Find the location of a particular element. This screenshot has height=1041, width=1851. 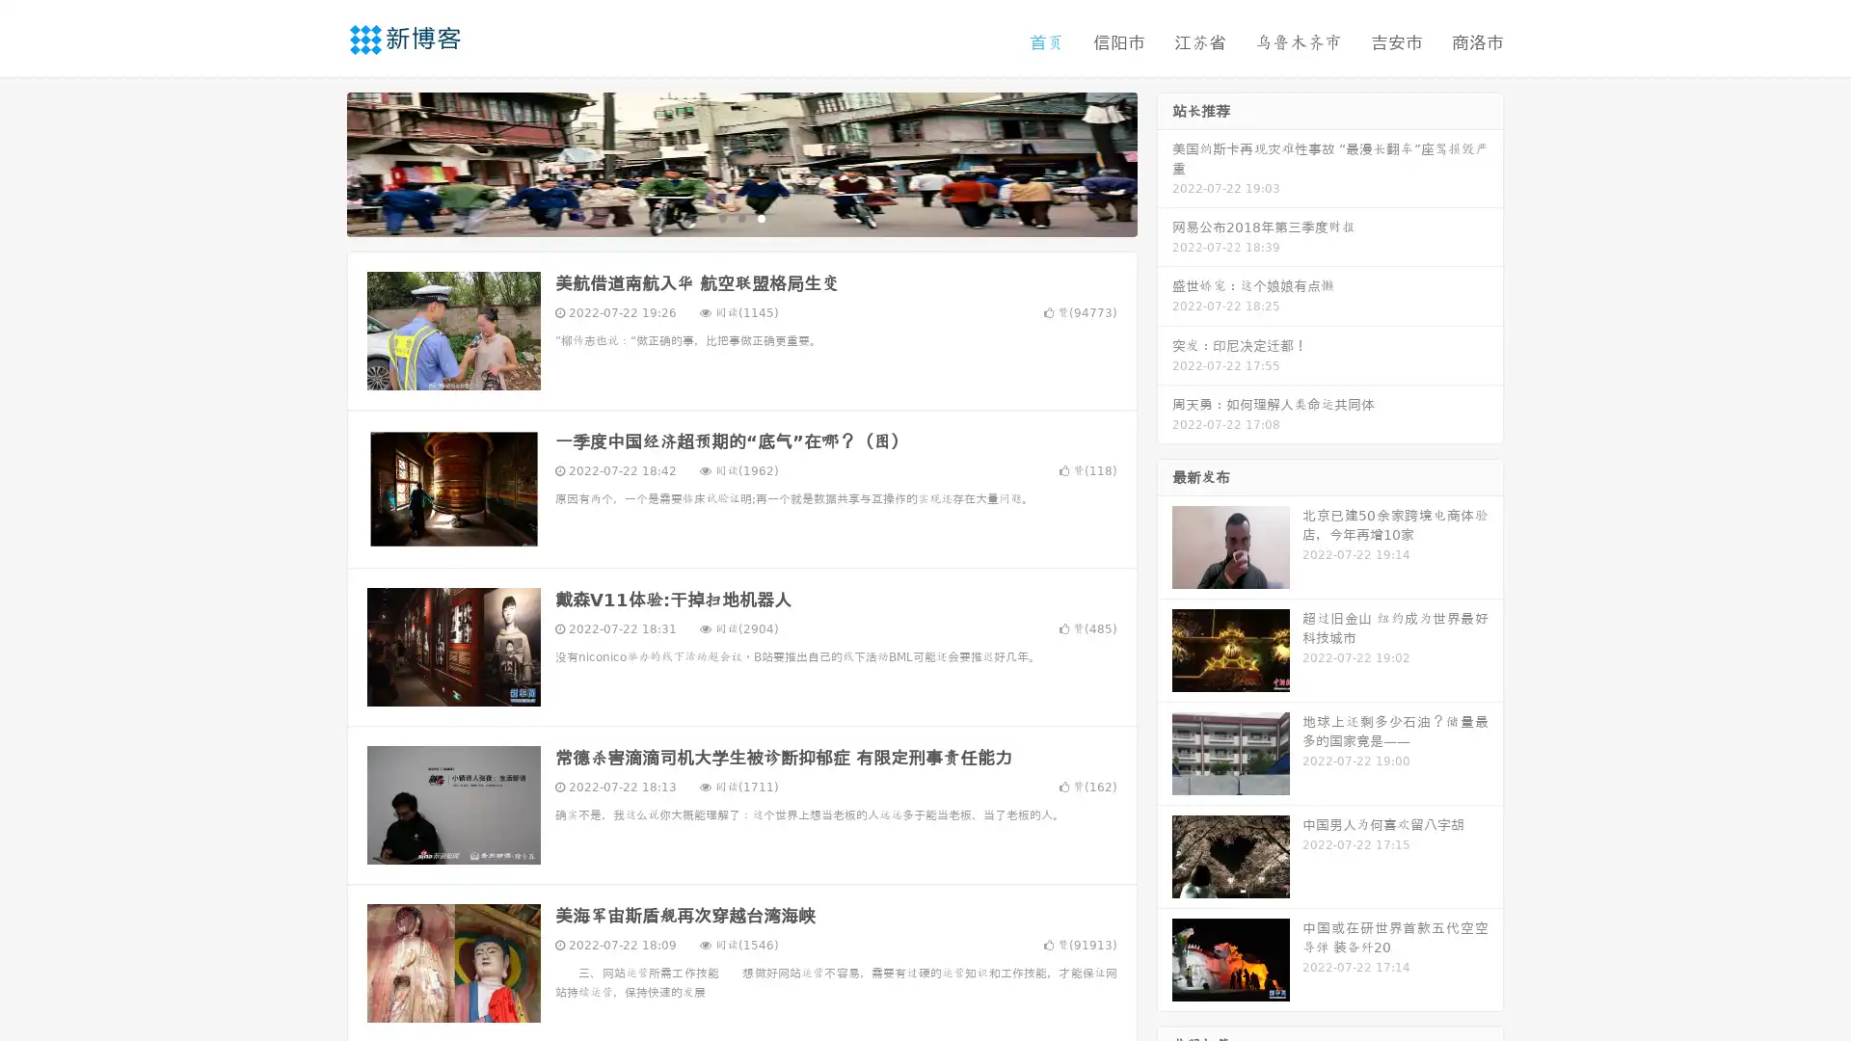

Next slide is located at coordinates (1165, 162).